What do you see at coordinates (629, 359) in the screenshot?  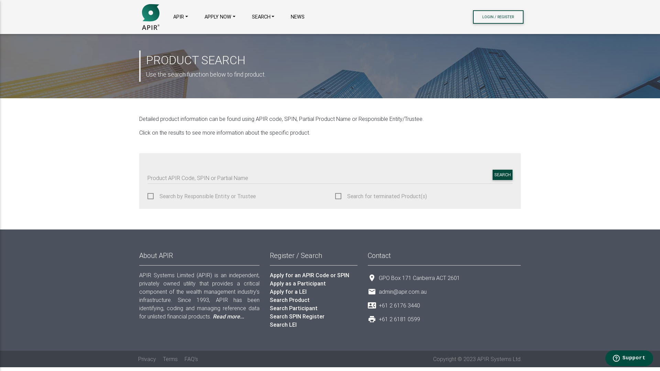 I see `'Opens a widget where you can find more information'` at bounding box center [629, 359].